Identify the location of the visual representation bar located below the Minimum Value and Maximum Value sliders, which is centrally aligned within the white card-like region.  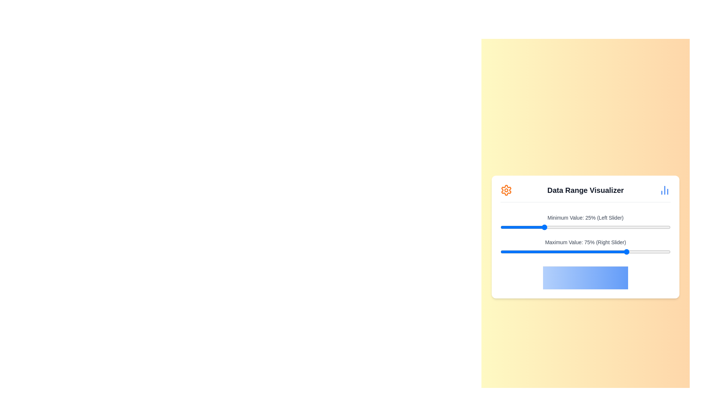
(585, 278).